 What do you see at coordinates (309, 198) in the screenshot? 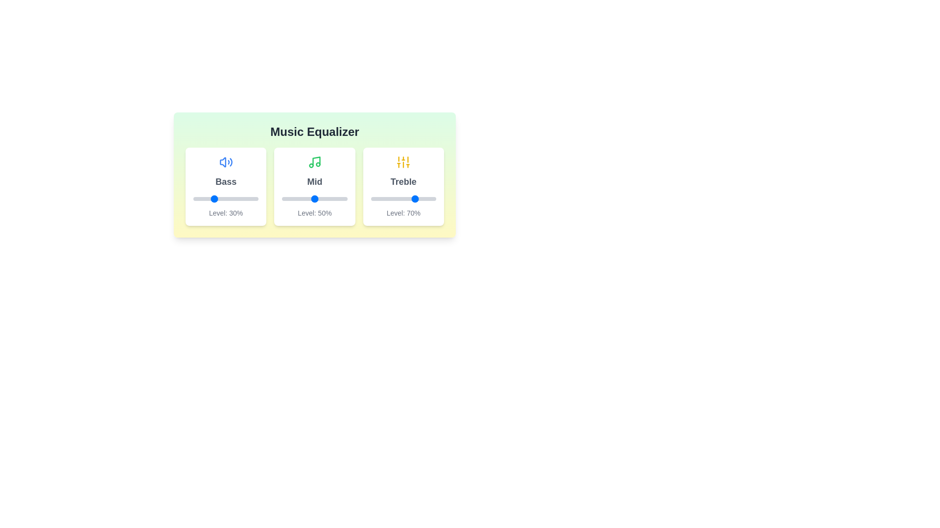
I see `the 'Mid' slider to 42%` at bounding box center [309, 198].